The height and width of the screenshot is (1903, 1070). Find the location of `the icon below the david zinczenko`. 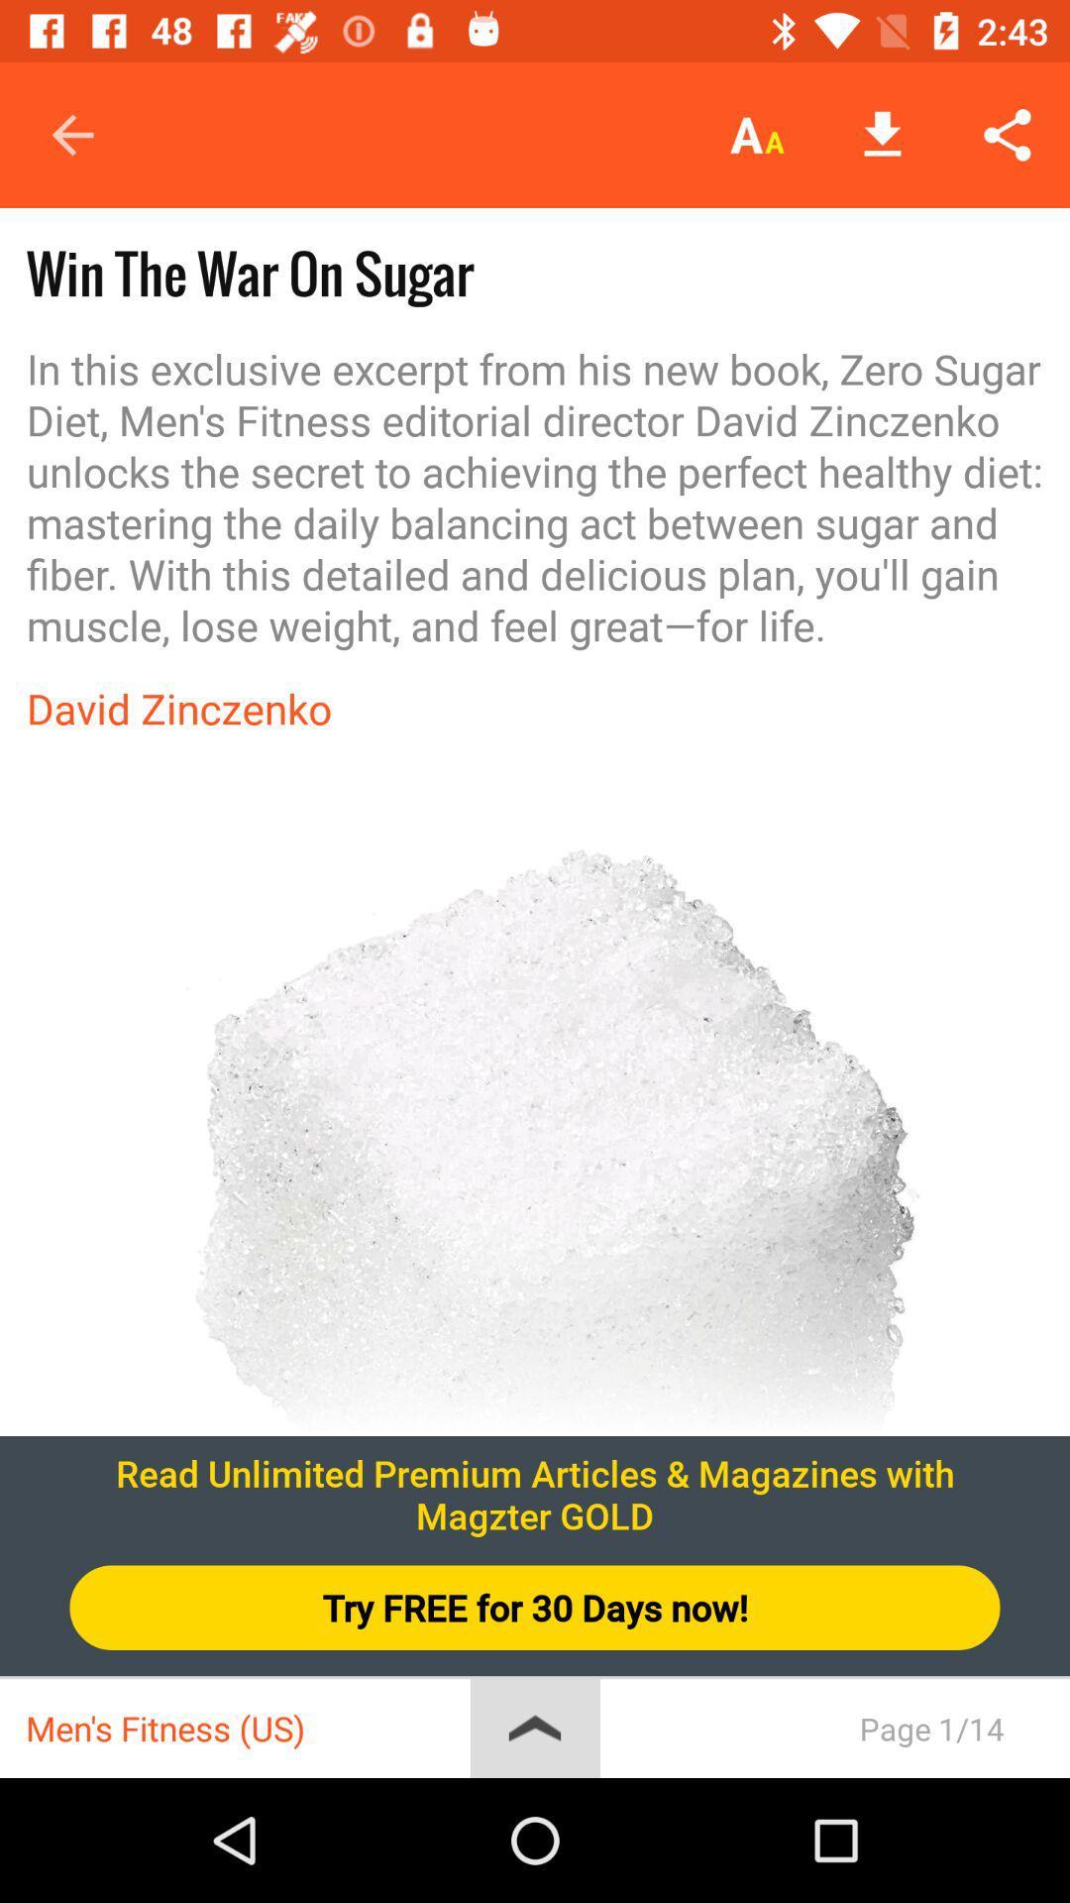

the icon below the david zinczenko is located at coordinates (535, 1225).